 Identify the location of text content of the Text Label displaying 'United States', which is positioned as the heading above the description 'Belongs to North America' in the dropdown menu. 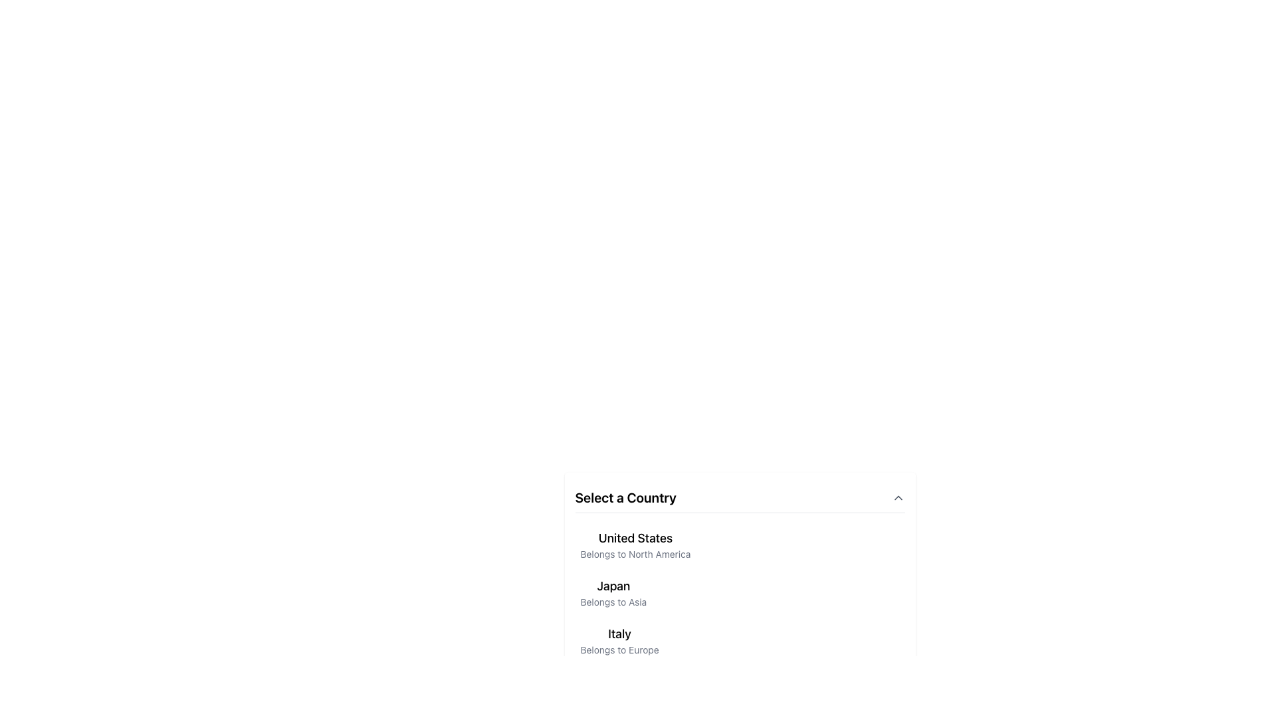
(635, 538).